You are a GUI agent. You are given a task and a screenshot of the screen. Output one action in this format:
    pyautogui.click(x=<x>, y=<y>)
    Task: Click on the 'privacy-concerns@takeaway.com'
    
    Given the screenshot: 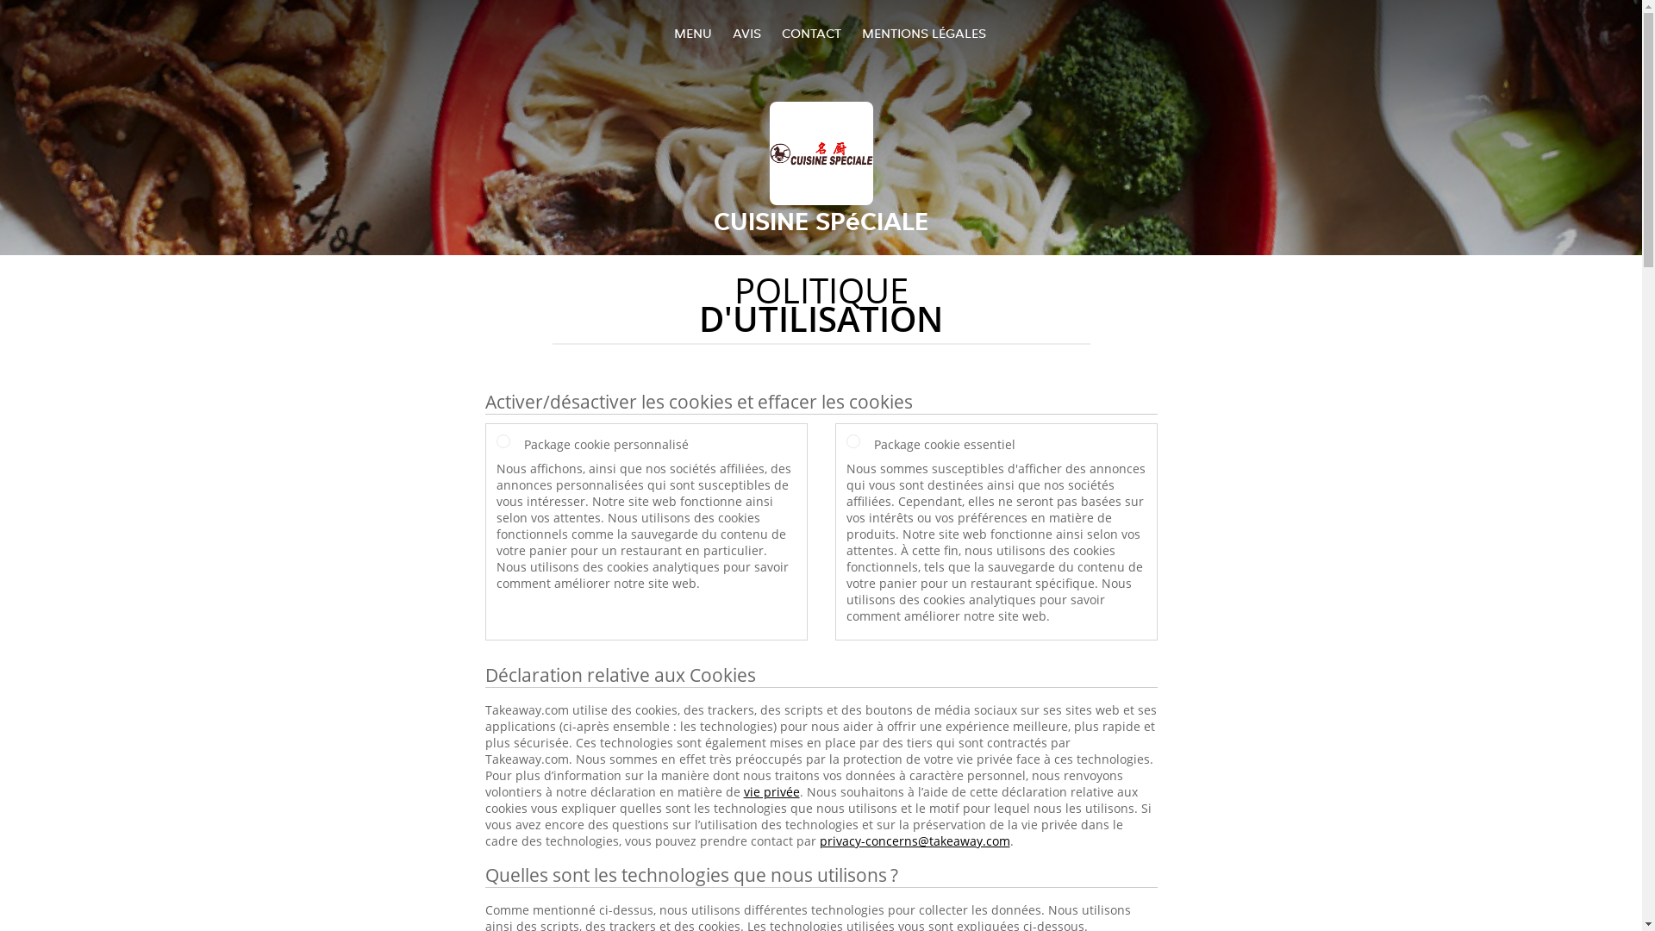 What is the action you would take?
    pyautogui.click(x=913, y=840)
    